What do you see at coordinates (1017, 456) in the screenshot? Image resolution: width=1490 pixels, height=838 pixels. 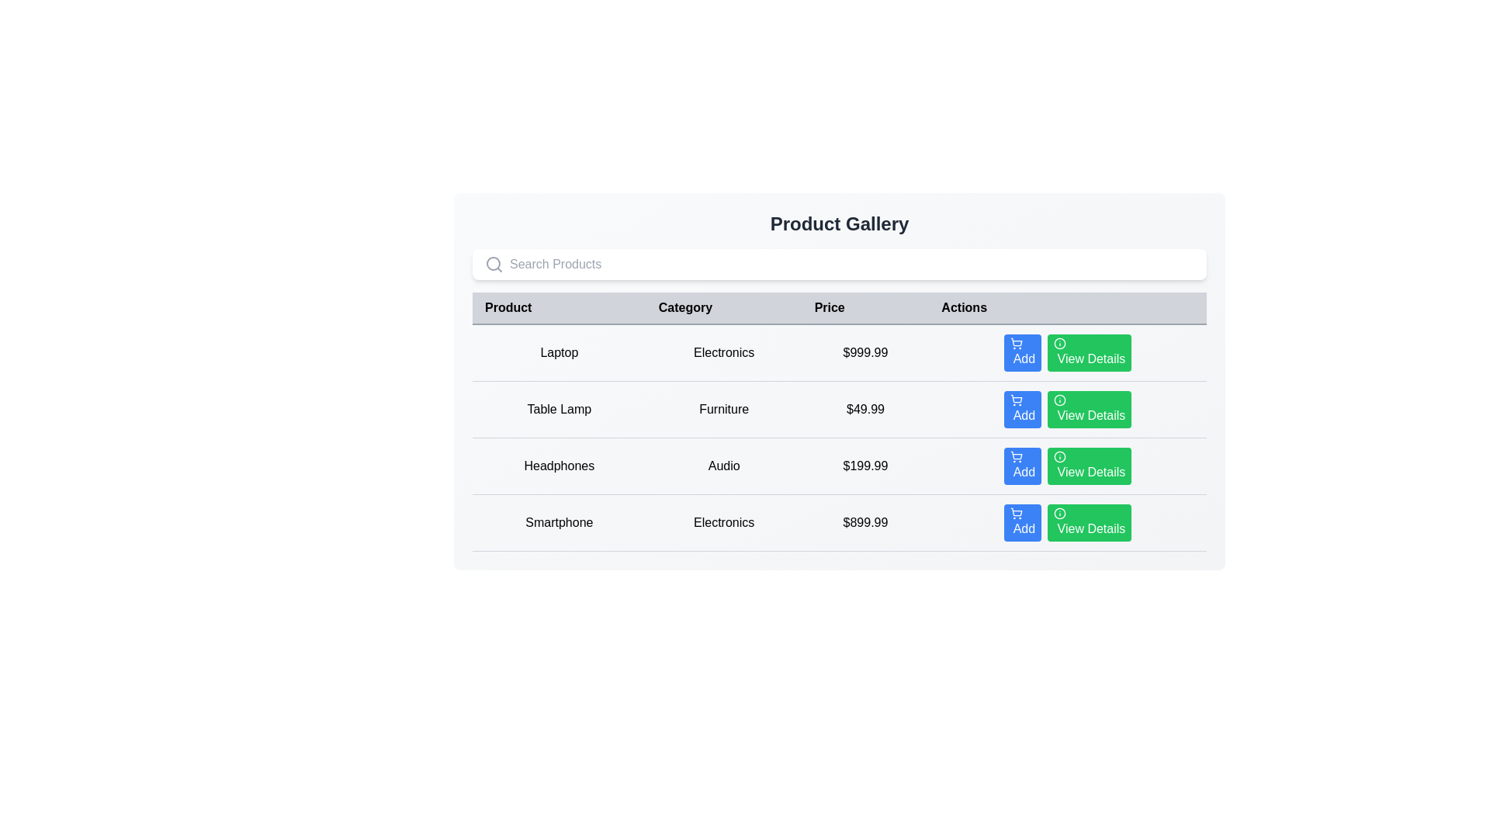 I see `the shopping cart icon located before the 'Add' text on the blue button in the Actions column of the third row in the product table` at bounding box center [1017, 456].